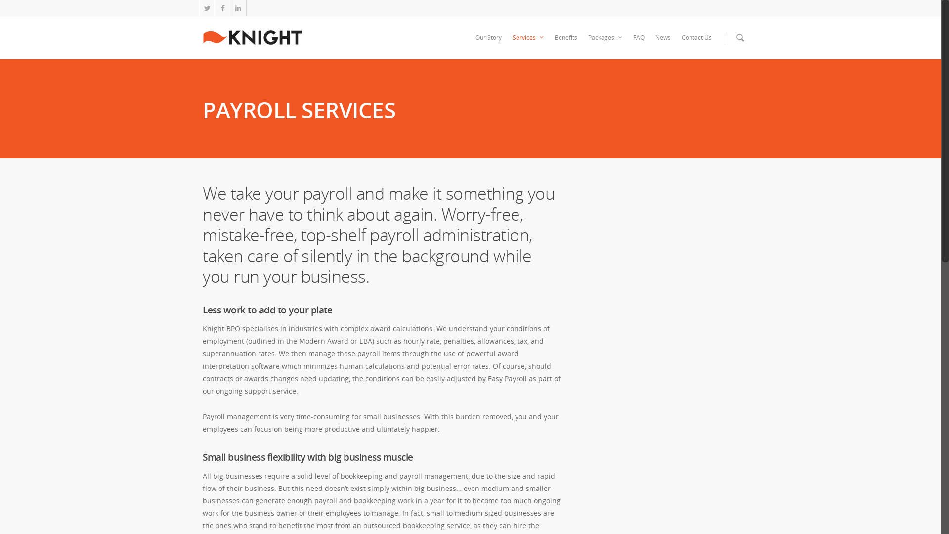  Describe the element at coordinates (639, 44) in the screenshot. I see `'FAQ'` at that location.